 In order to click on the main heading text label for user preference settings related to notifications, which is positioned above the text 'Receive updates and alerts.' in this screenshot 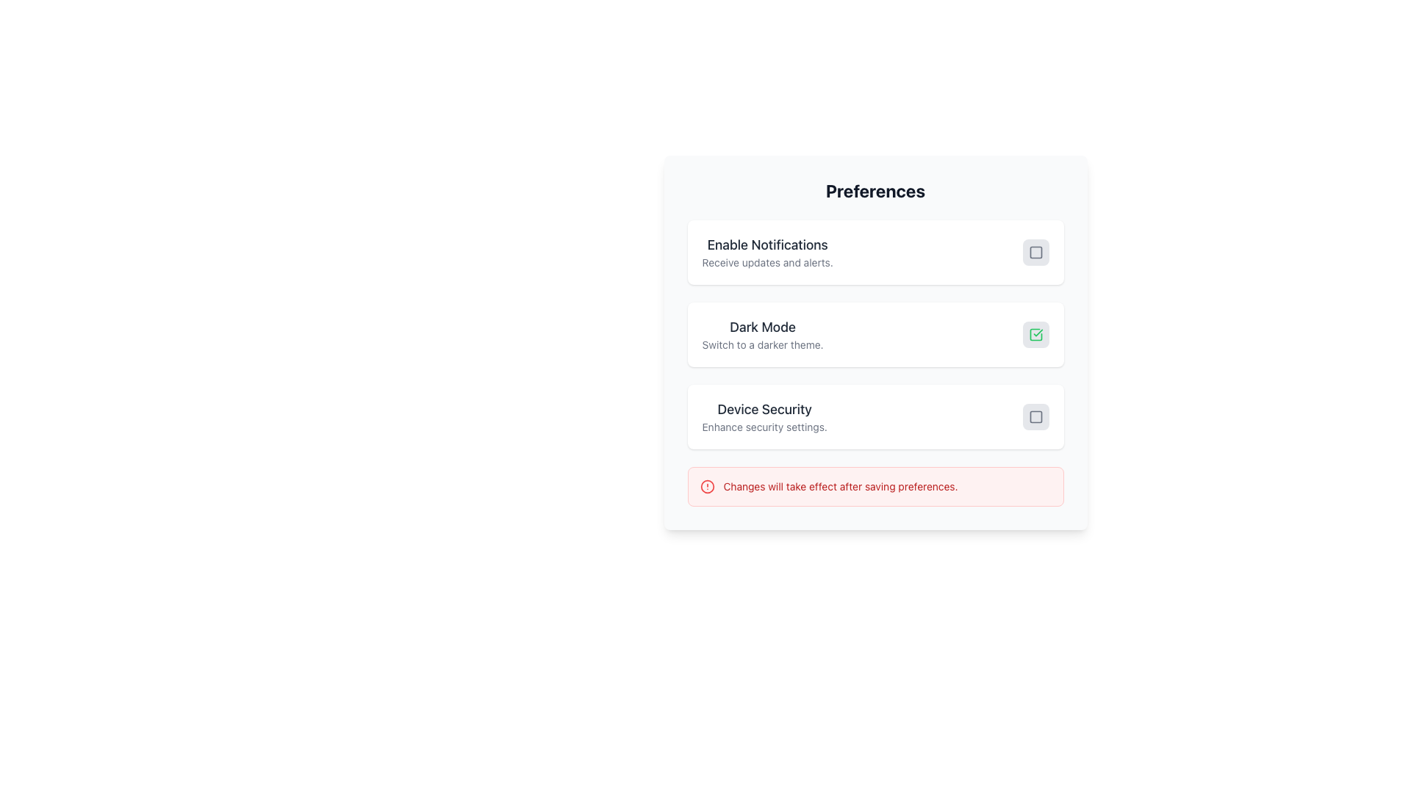, I will do `click(766, 245)`.